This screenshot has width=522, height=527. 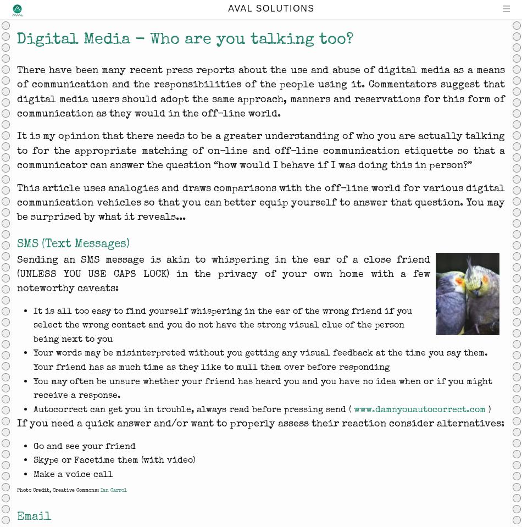 I want to click on 'Your words may be misinterpreted without you getting any visual feedback at the time you say them. Your friend has as much time as they like to mull them over before responding', so click(x=260, y=359).